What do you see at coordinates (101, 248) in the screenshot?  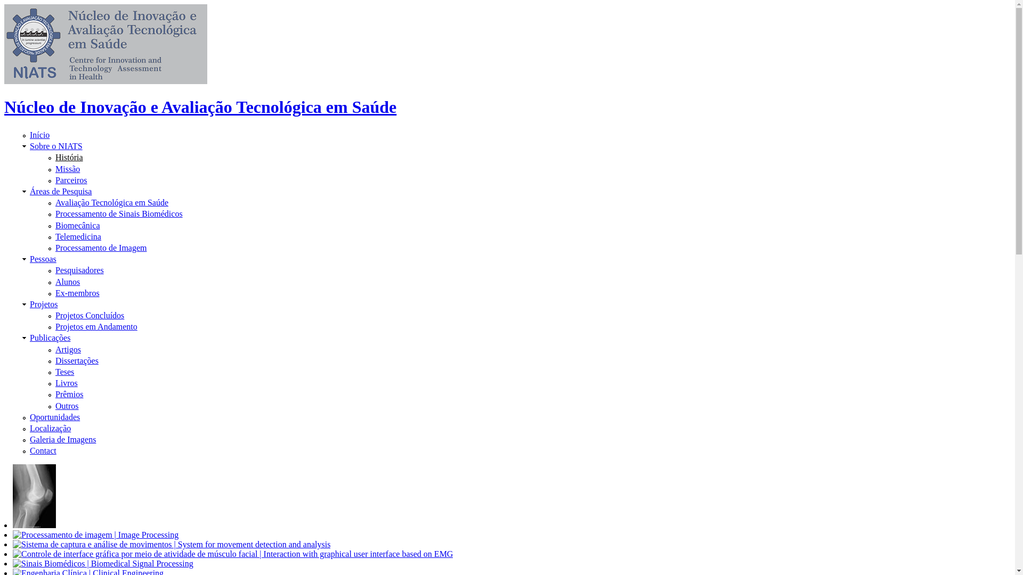 I see `'Processamento de Imagem'` at bounding box center [101, 248].